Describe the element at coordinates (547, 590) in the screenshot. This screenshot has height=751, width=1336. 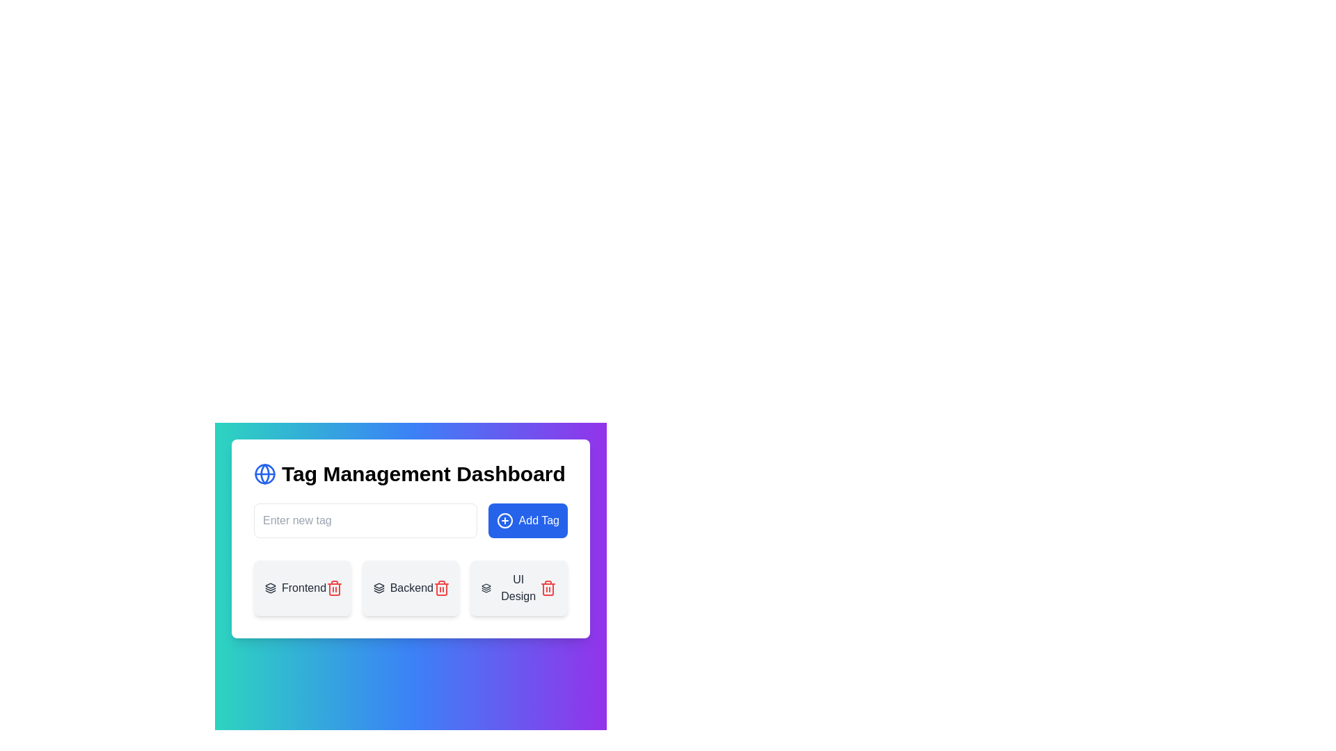
I see `the trash can (delete) icon, which is positioned to the right of the 'UI Design' tag in the second row of tags` at that location.